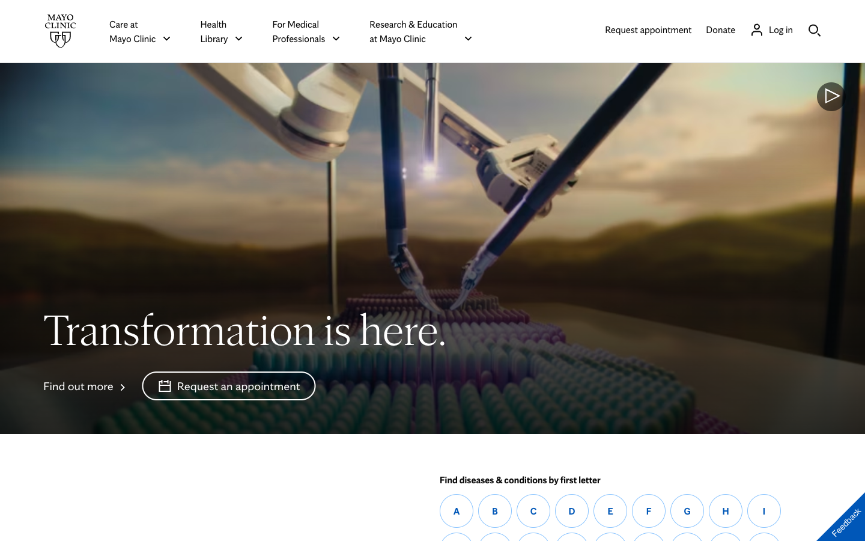 This screenshot has width=865, height=541. Describe the element at coordinates (85, 385) in the screenshot. I see `Research the alterations occurring at Mayo Clinic` at that location.